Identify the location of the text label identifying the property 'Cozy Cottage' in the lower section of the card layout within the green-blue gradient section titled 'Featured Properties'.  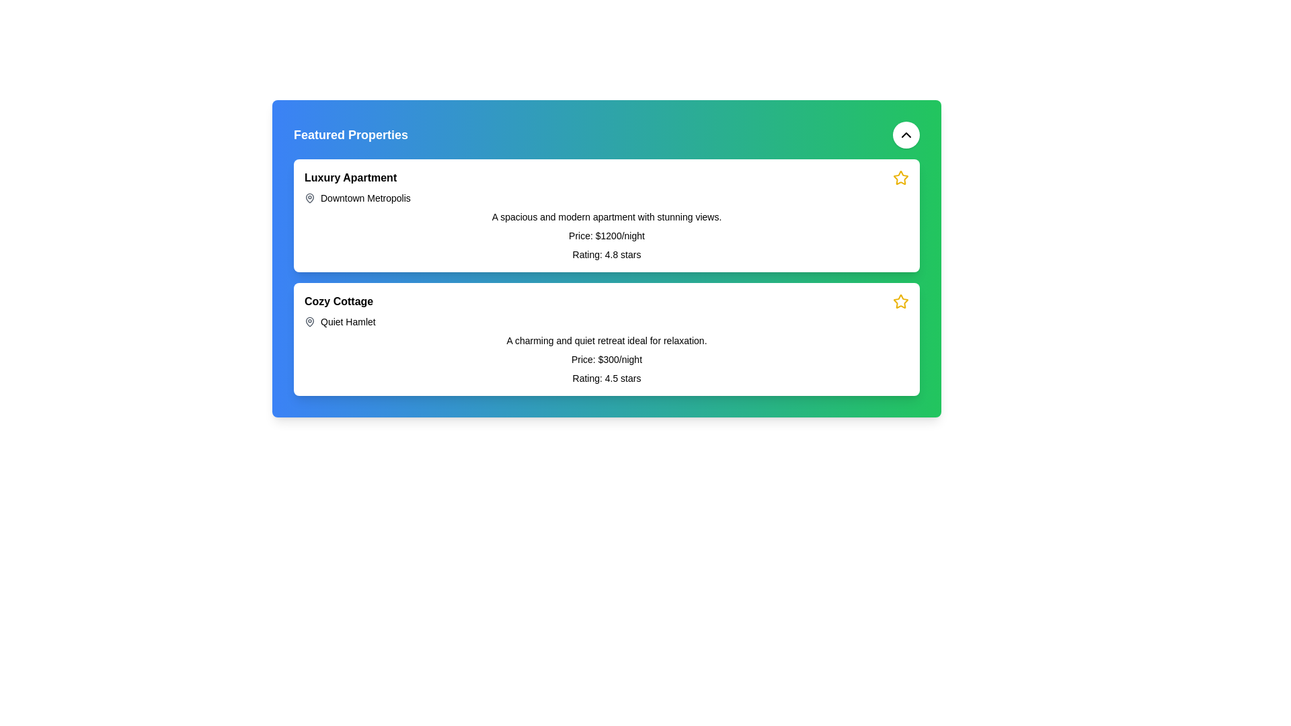
(339, 300).